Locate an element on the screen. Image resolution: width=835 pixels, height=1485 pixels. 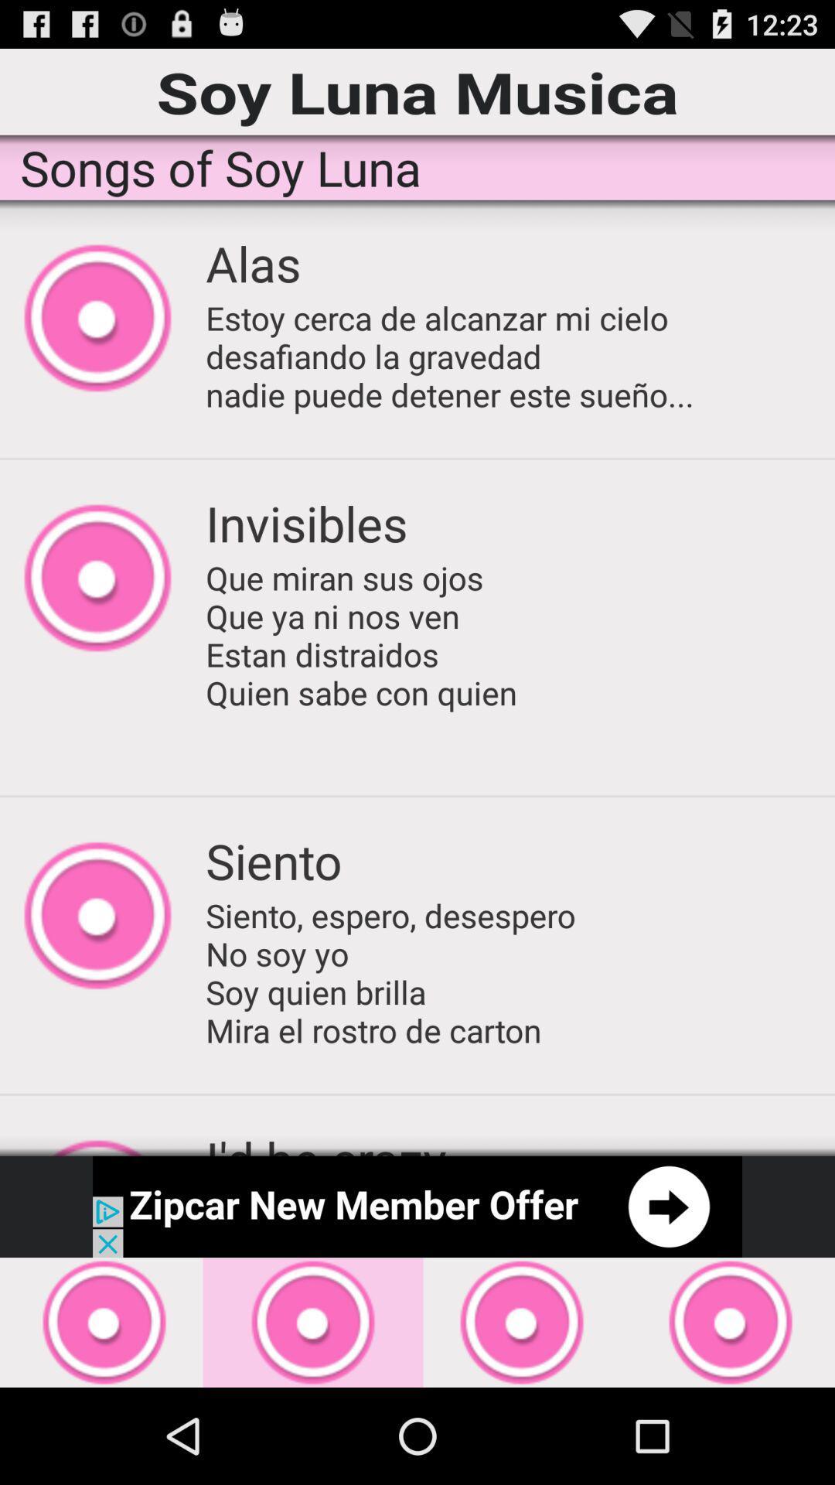
open advertisement is located at coordinates (417, 1206).